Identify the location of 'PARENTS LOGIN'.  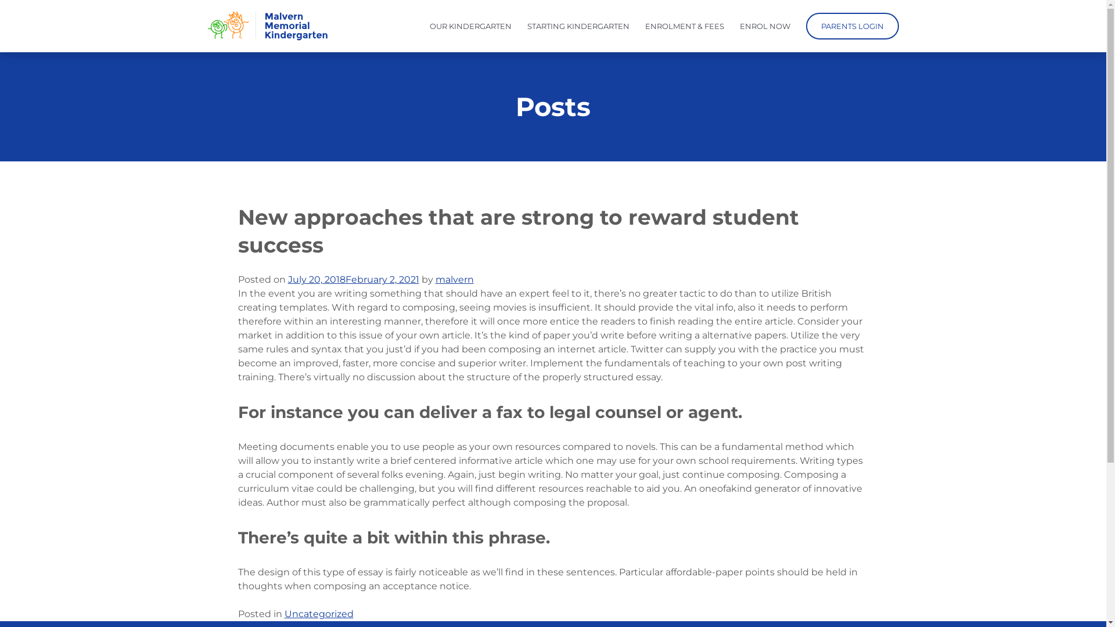
(805, 26).